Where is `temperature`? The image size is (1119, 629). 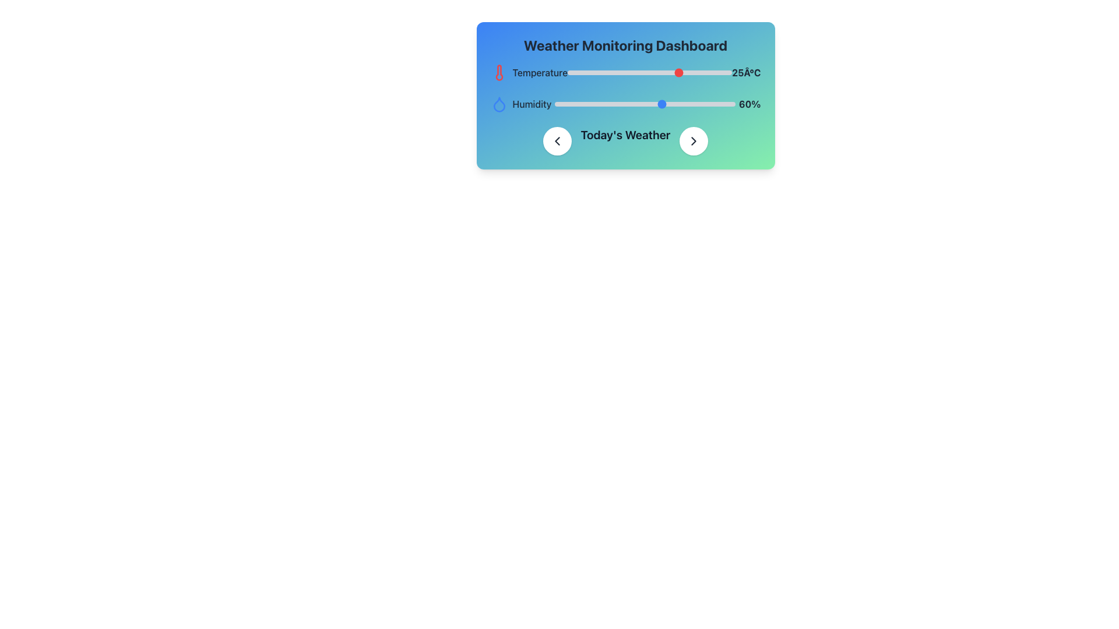
temperature is located at coordinates (656, 72).